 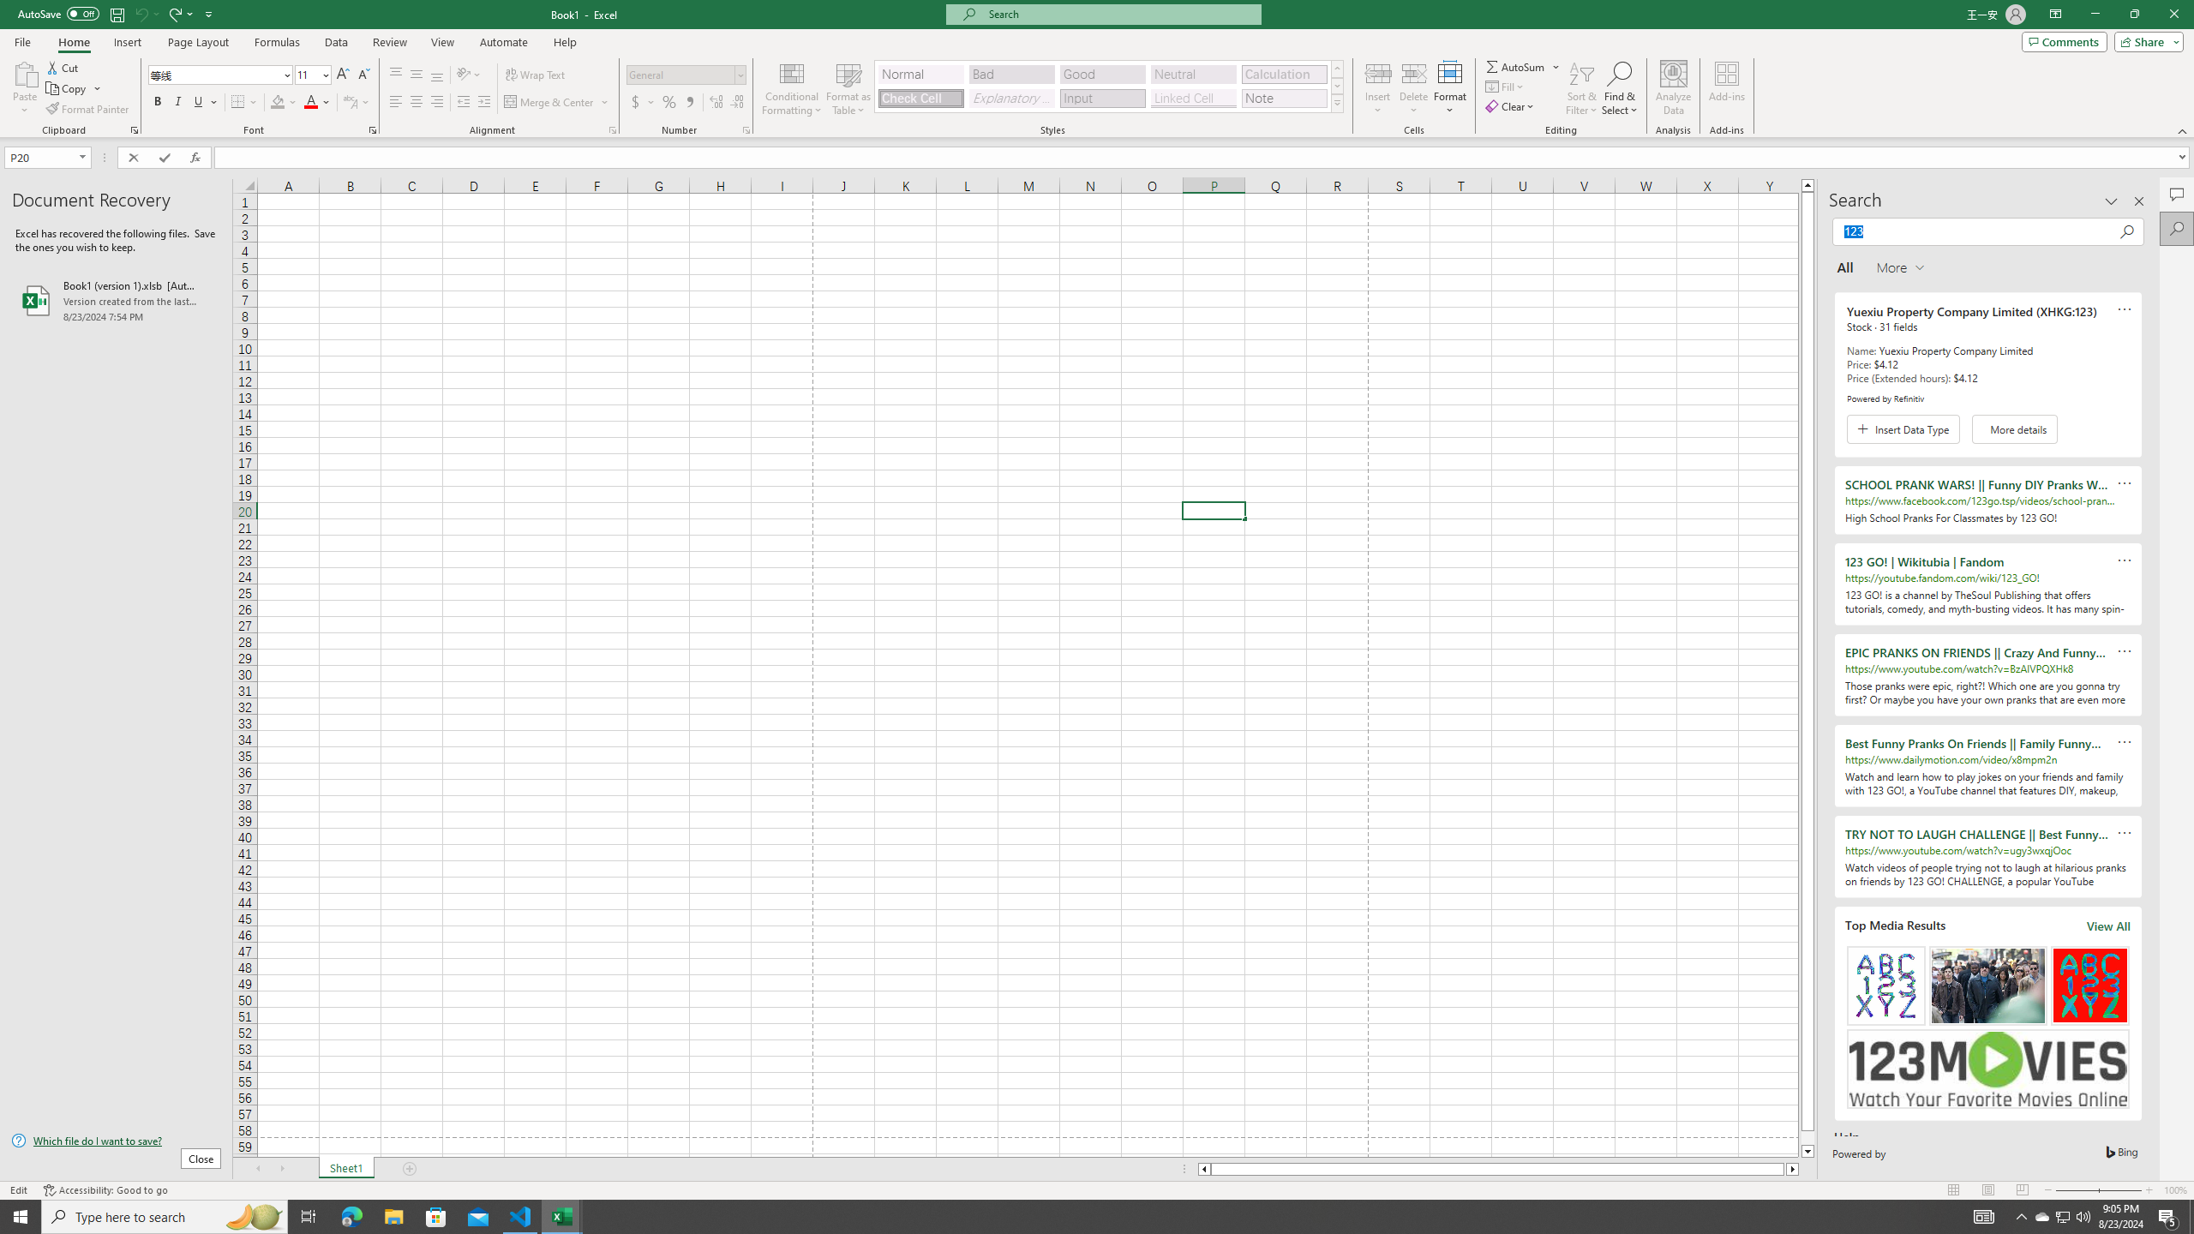 I want to click on 'Clear', so click(x=1510, y=105).